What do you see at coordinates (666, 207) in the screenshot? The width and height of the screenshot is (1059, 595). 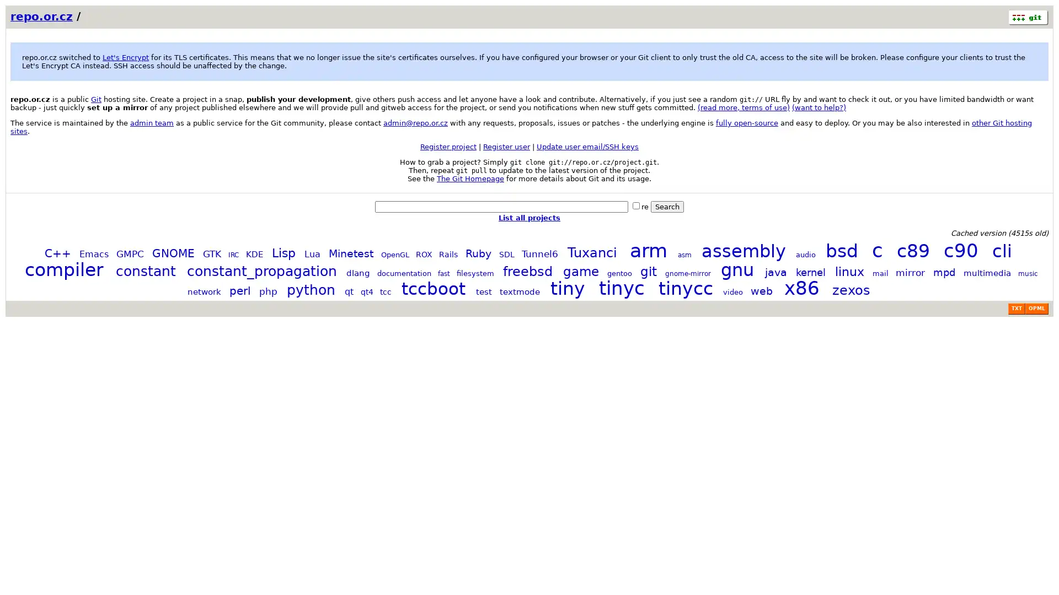 I see `Search` at bounding box center [666, 207].